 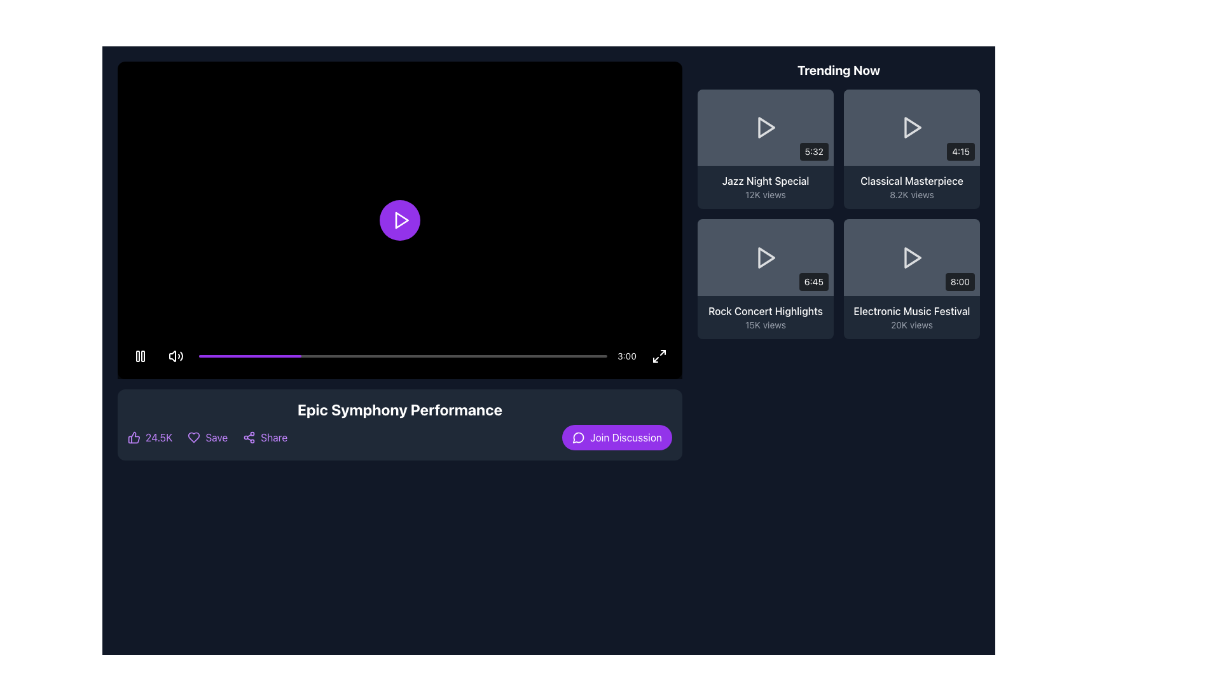 I want to click on the title text of the video content, which is positioned near the bottom of the main video content area and centered horizontally above interactive elements, so click(x=399, y=409).